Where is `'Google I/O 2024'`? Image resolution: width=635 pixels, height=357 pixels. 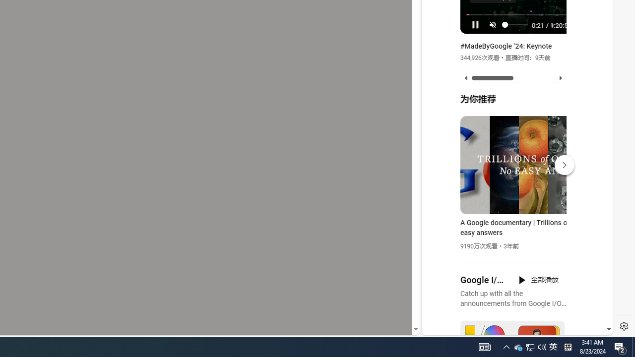 'Google I/O 2024' is located at coordinates (483, 280).